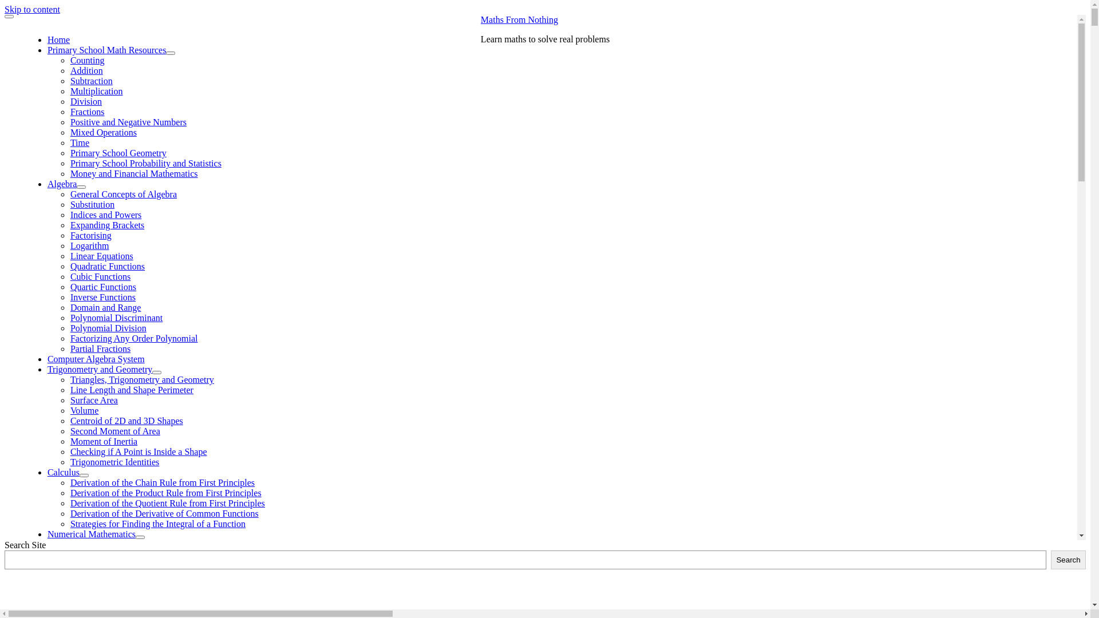  Describe the element at coordinates (141, 379) in the screenshot. I see `'Triangles, Trigonometry and Geometry'` at that location.